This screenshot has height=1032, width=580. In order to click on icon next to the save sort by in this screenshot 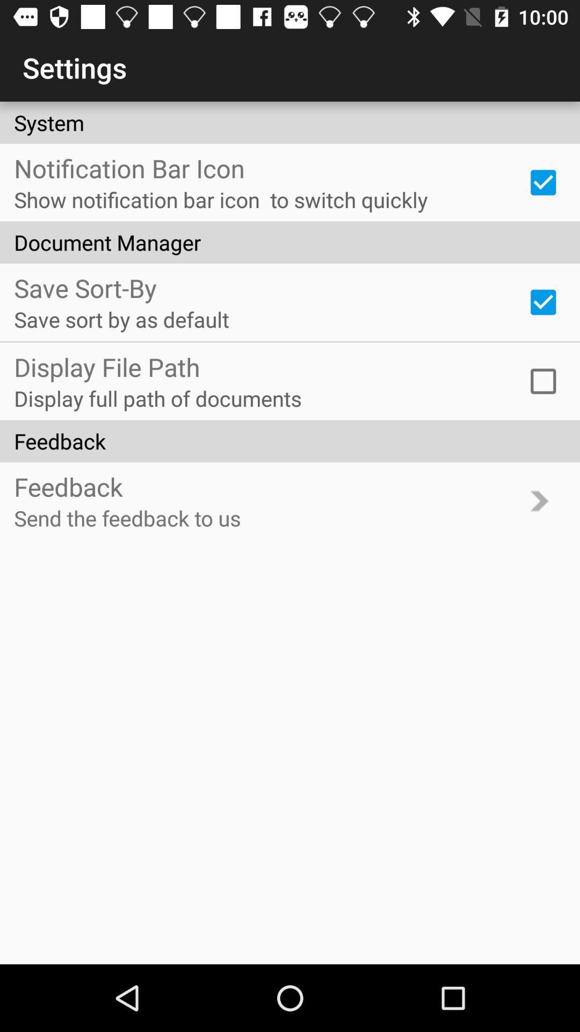, I will do `click(543, 302)`.